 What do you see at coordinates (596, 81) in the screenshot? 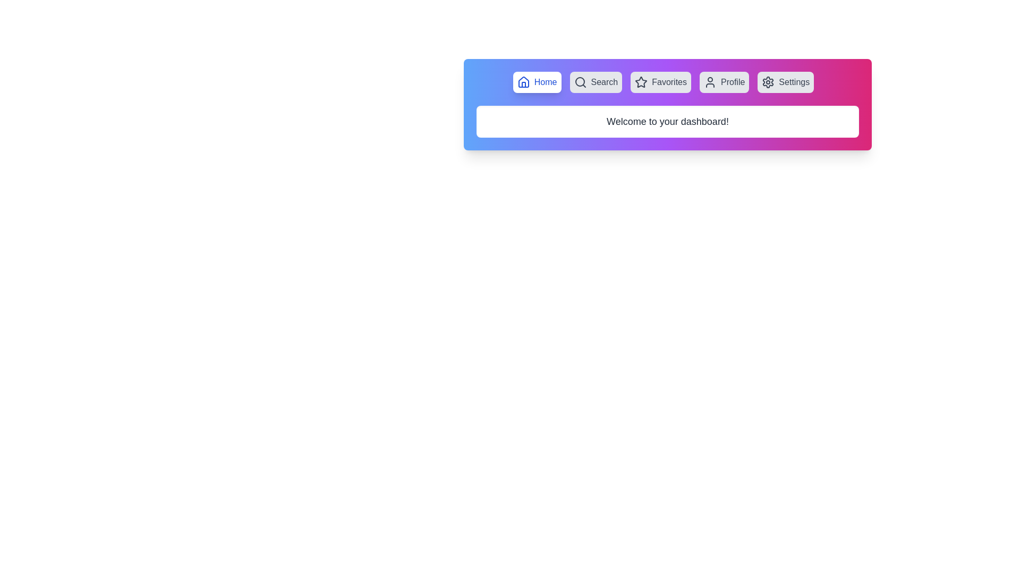
I see `the 'Search' button, which is the second button in the navigation bar, to observe the hover effect` at bounding box center [596, 81].